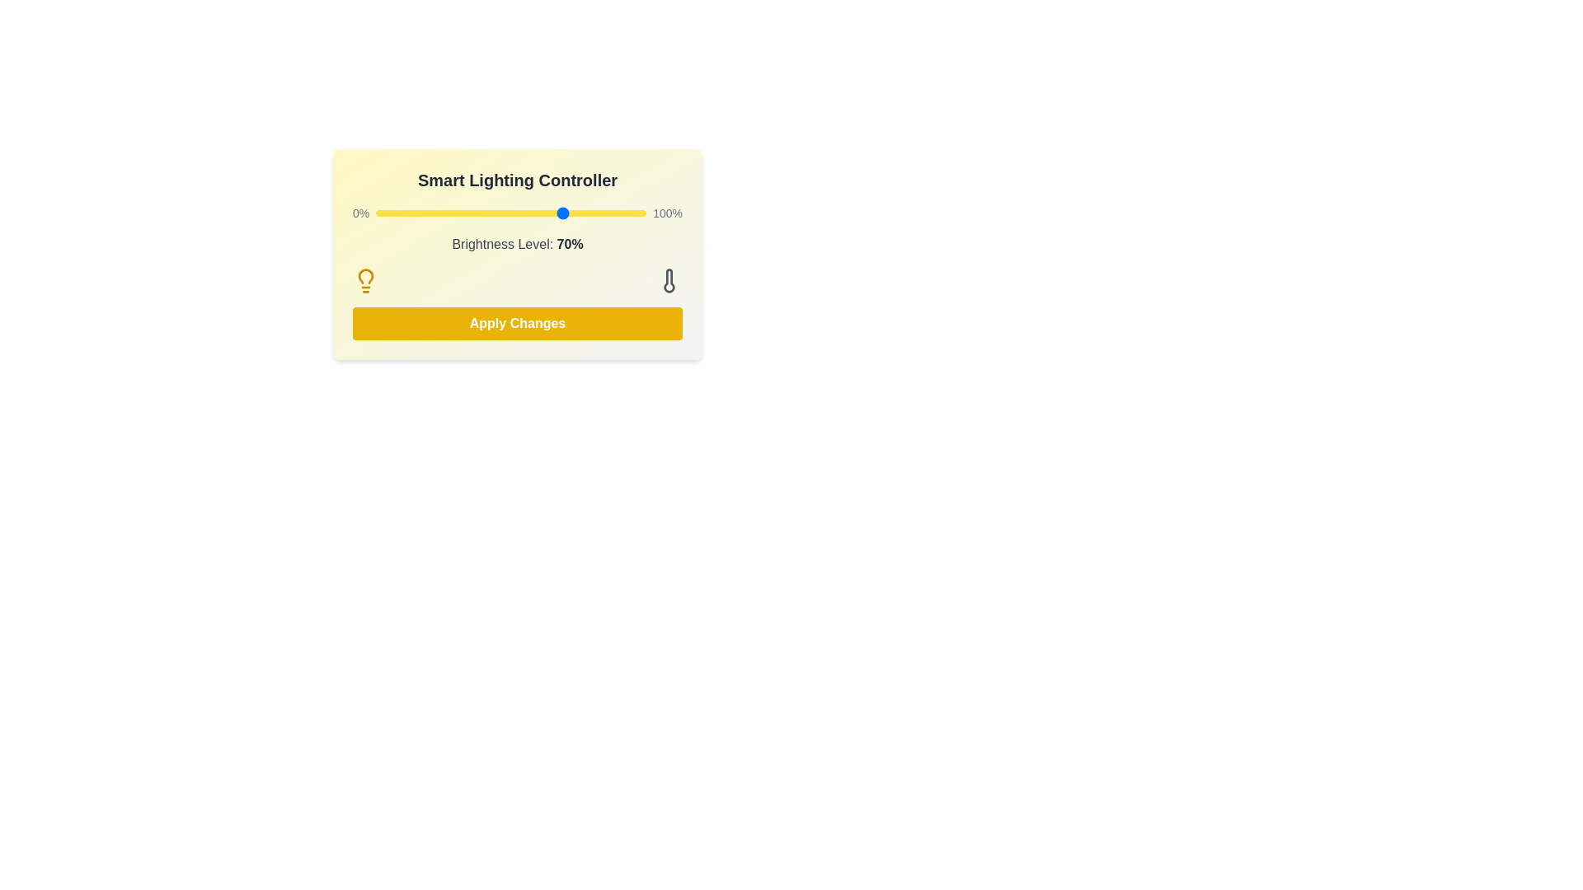 The height and width of the screenshot is (890, 1583). What do you see at coordinates (565, 212) in the screenshot?
I see `the brightness slider to set the brightness to 70%` at bounding box center [565, 212].